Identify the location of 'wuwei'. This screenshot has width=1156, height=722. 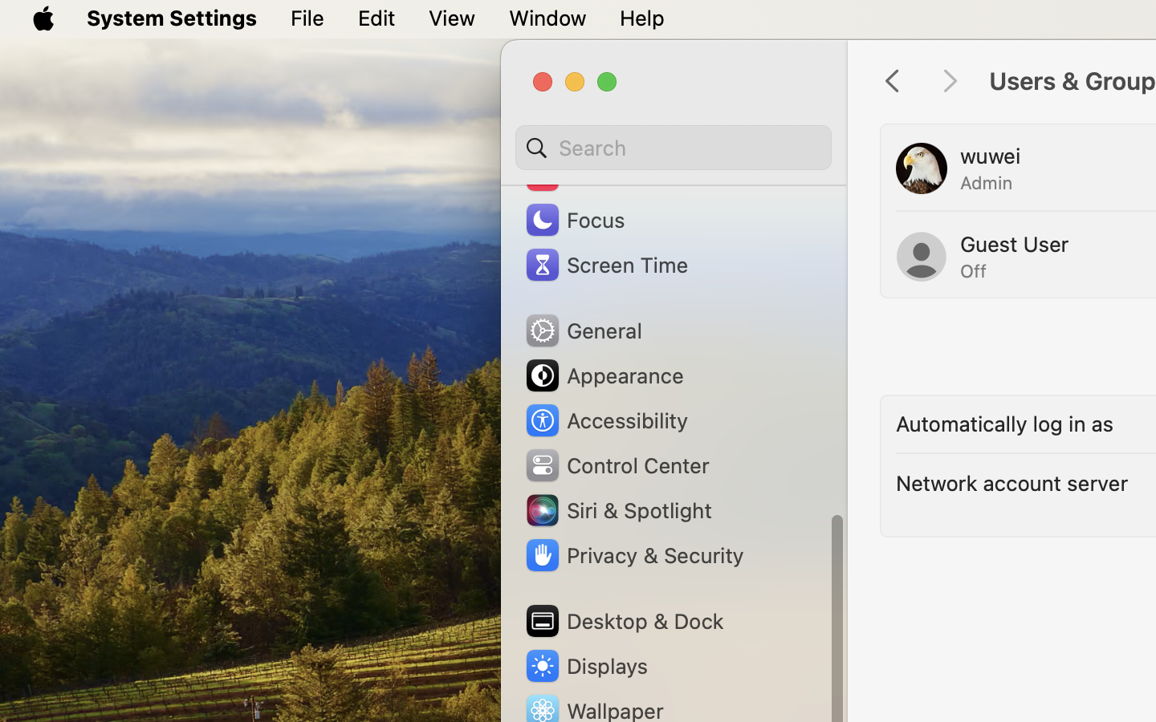
(989, 156).